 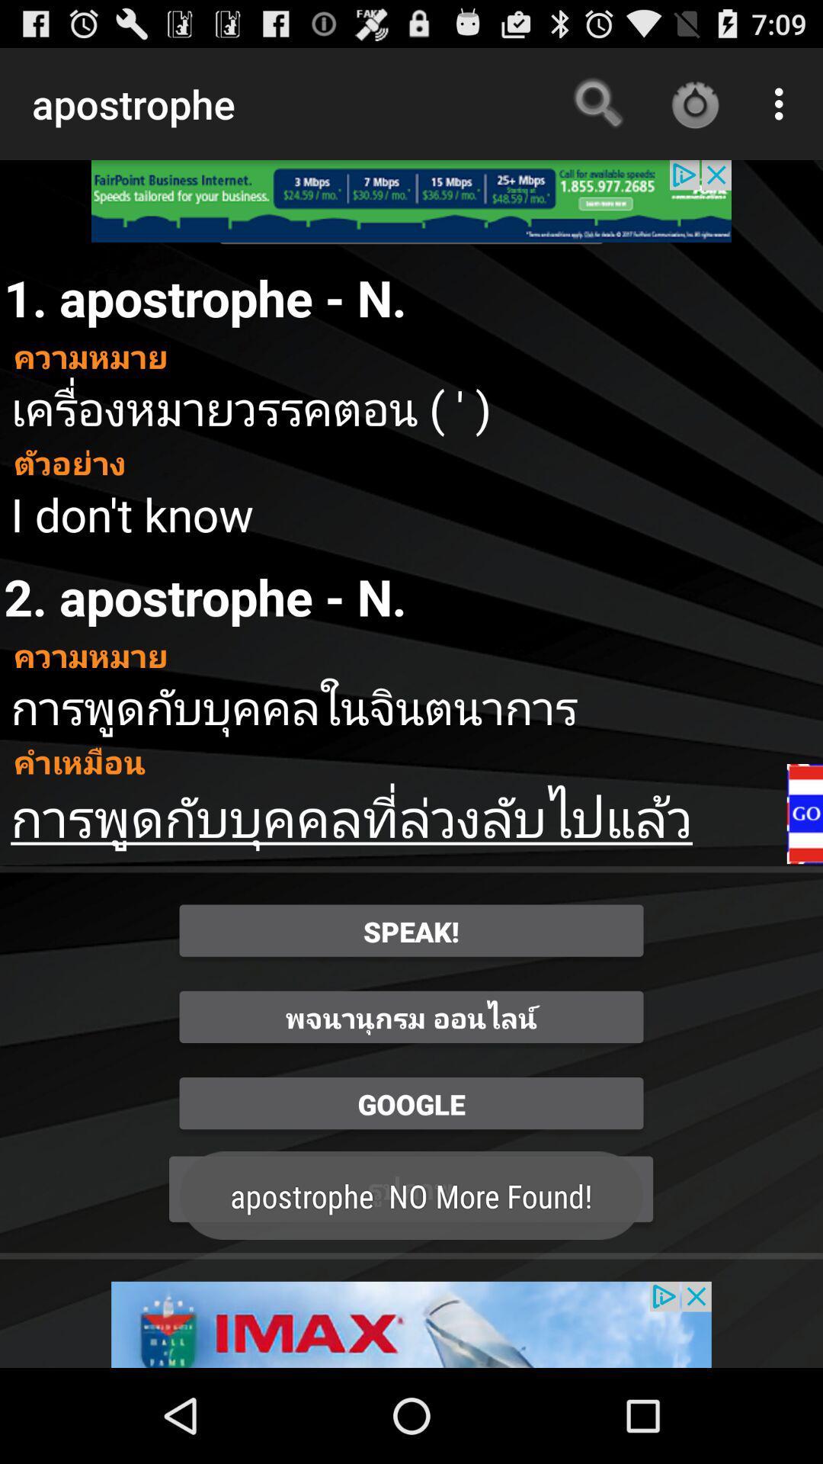 I want to click on the speak button, so click(x=411, y=929).